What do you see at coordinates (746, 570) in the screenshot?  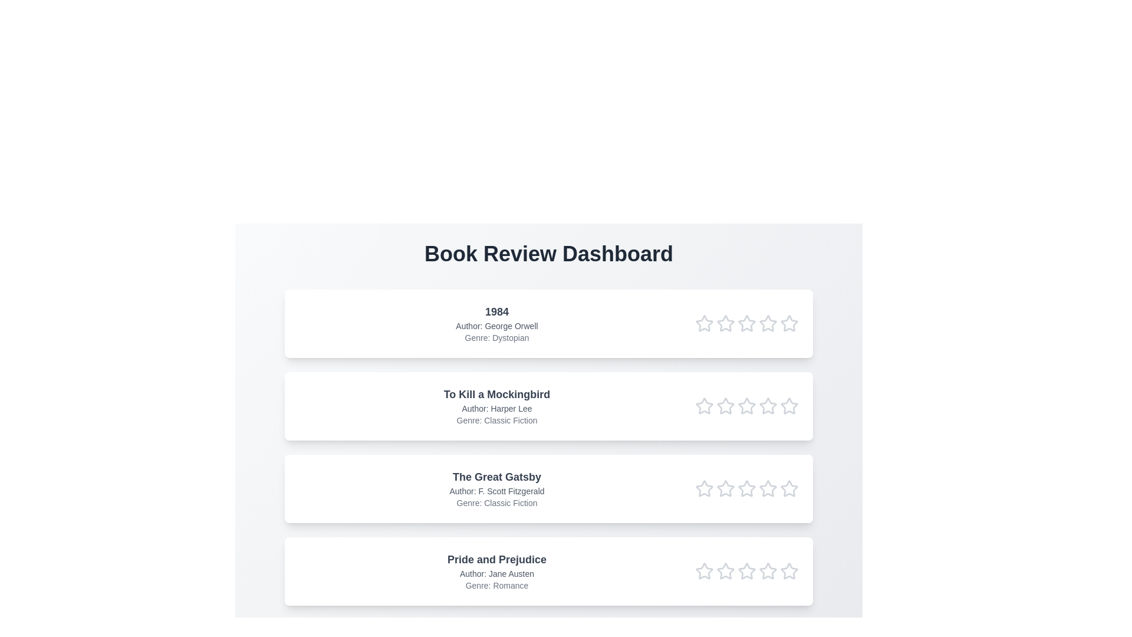 I see `the star corresponding to 3 in the rating row of the book titled Pride and Prejudice` at bounding box center [746, 570].